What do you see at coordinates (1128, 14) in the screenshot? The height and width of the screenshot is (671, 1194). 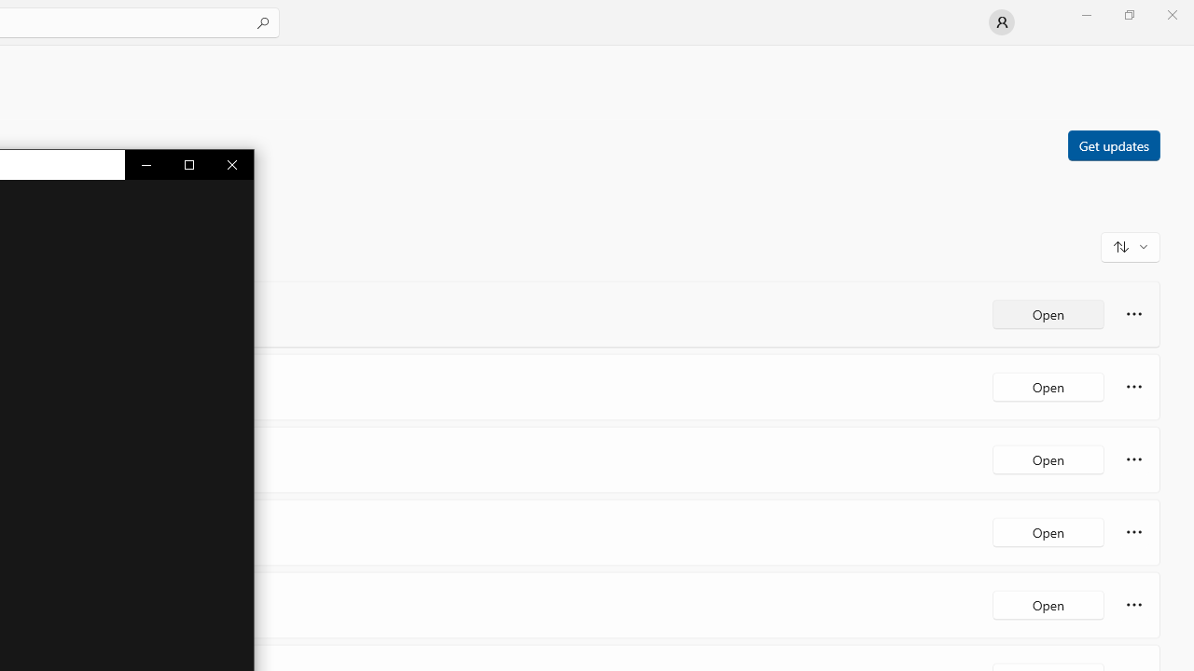 I see `'Restore Microsoft Store'` at bounding box center [1128, 14].